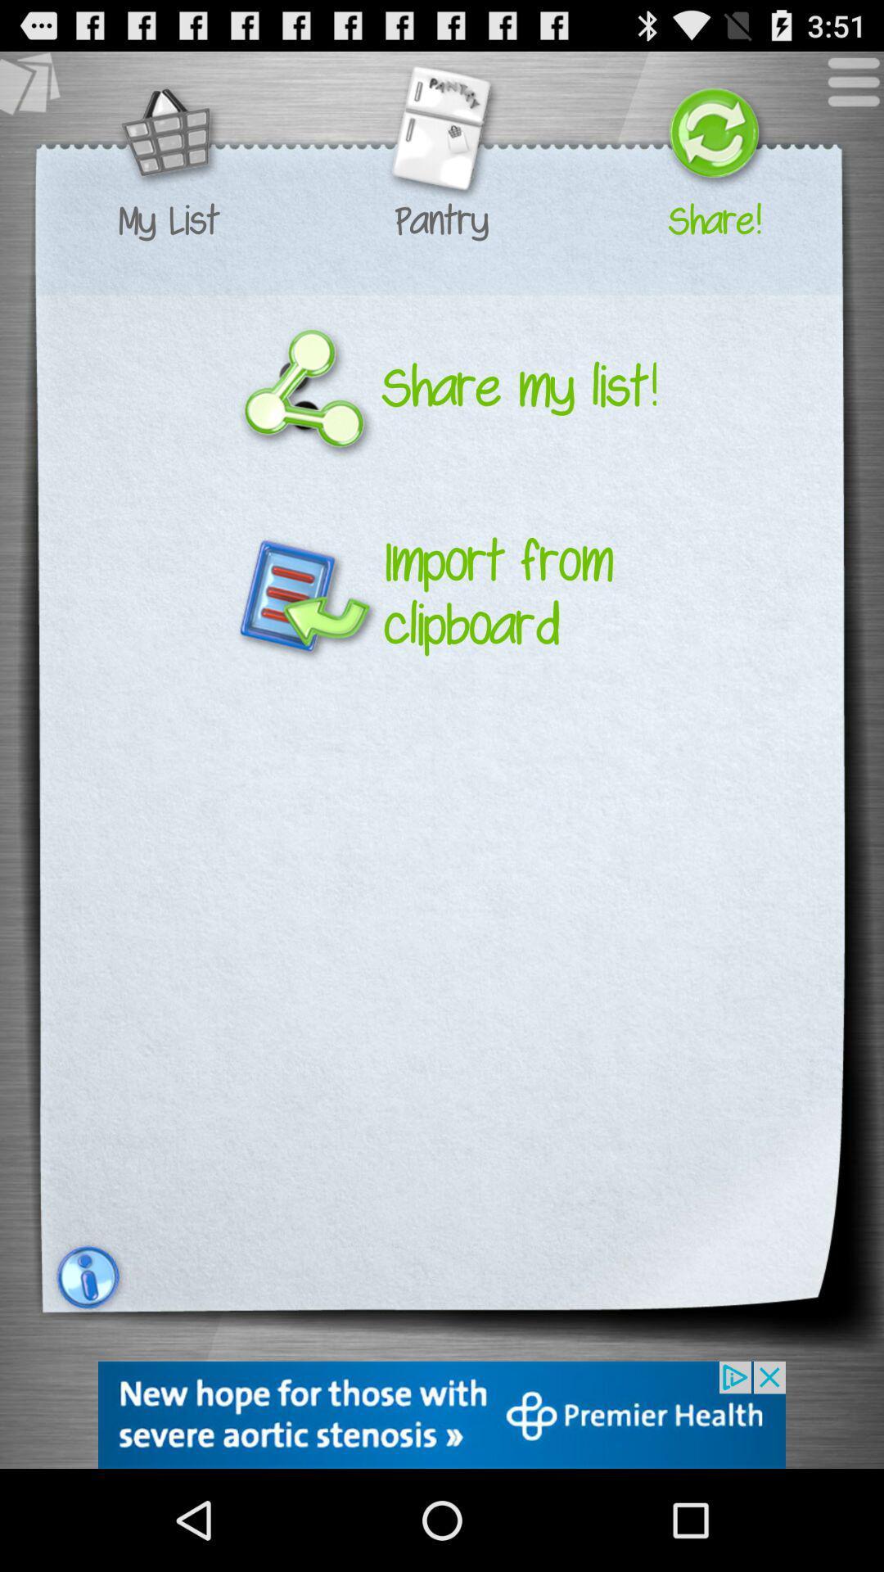 The width and height of the screenshot is (884, 1572). Describe the element at coordinates (169, 145) in the screenshot. I see `the cart icon` at that location.